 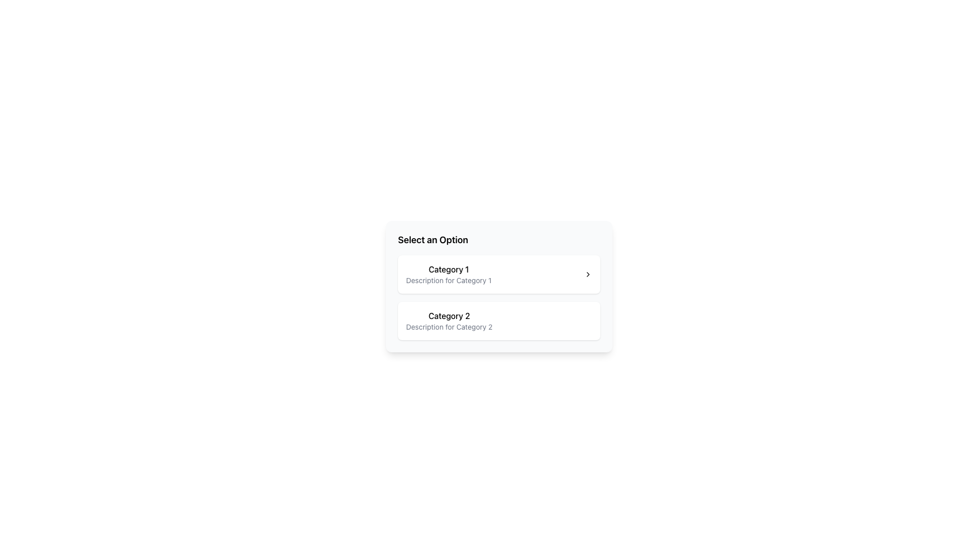 I want to click on the text block that describes 'Category 2', which provides a label and description for the second option in a vertically stacked list, so click(x=449, y=321).